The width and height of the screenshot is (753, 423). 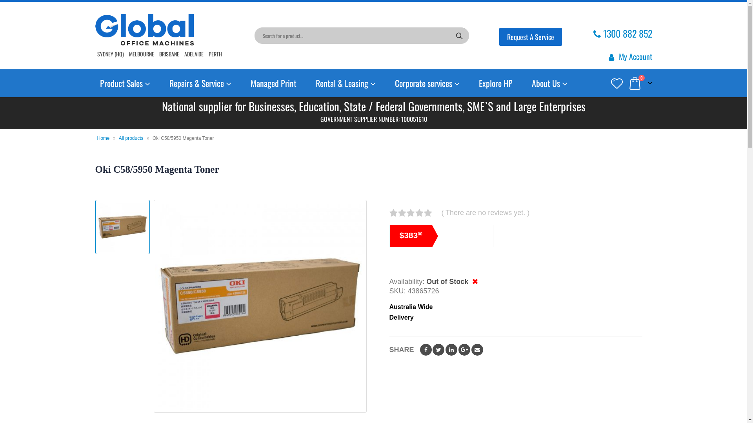 What do you see at coordinates (460, 34) in the screenshot?
I see `'Search'` at bounding box center [460, 34].